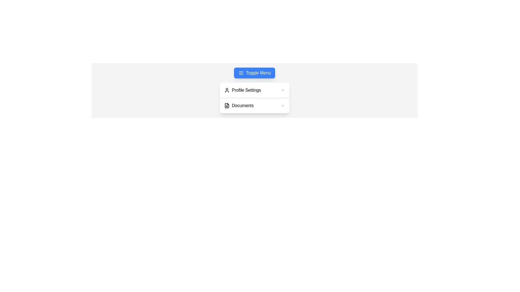  What do you see at coordinates (254, 105) in the screenshot?
I see `the 'Documents' button located below the 'Profile Settings' option in the dropdown menu` at bounding box center [254, 105].